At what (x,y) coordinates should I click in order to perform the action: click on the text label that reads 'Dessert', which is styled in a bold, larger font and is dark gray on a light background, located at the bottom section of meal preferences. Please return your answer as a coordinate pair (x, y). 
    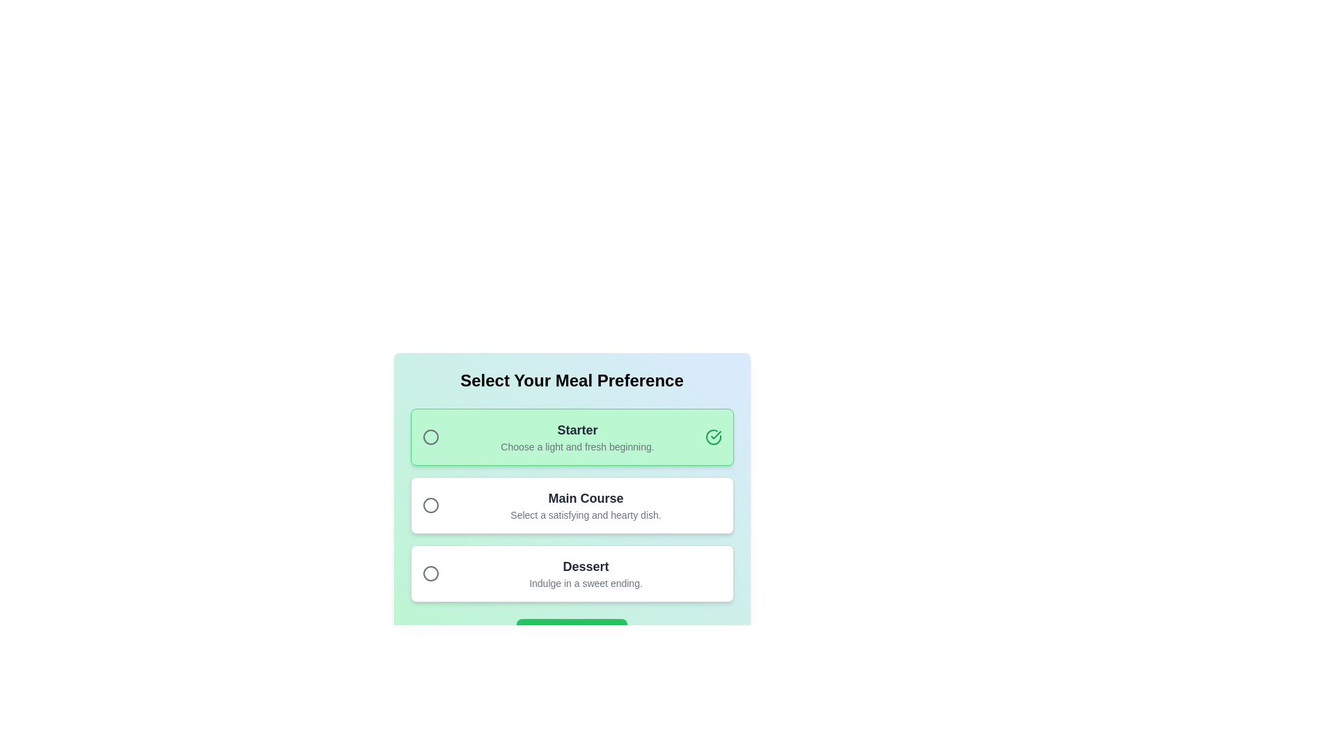
    Looking at the image, I should click on (586, 566).